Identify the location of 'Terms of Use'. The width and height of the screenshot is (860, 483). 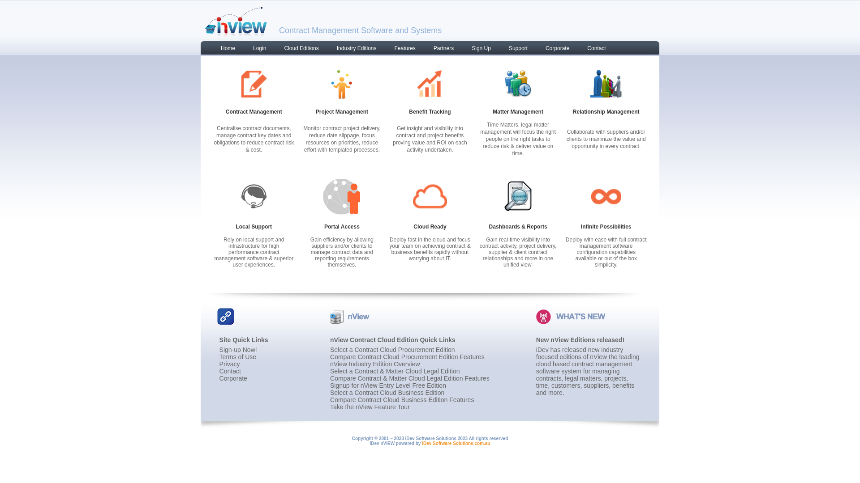
(219, 356).